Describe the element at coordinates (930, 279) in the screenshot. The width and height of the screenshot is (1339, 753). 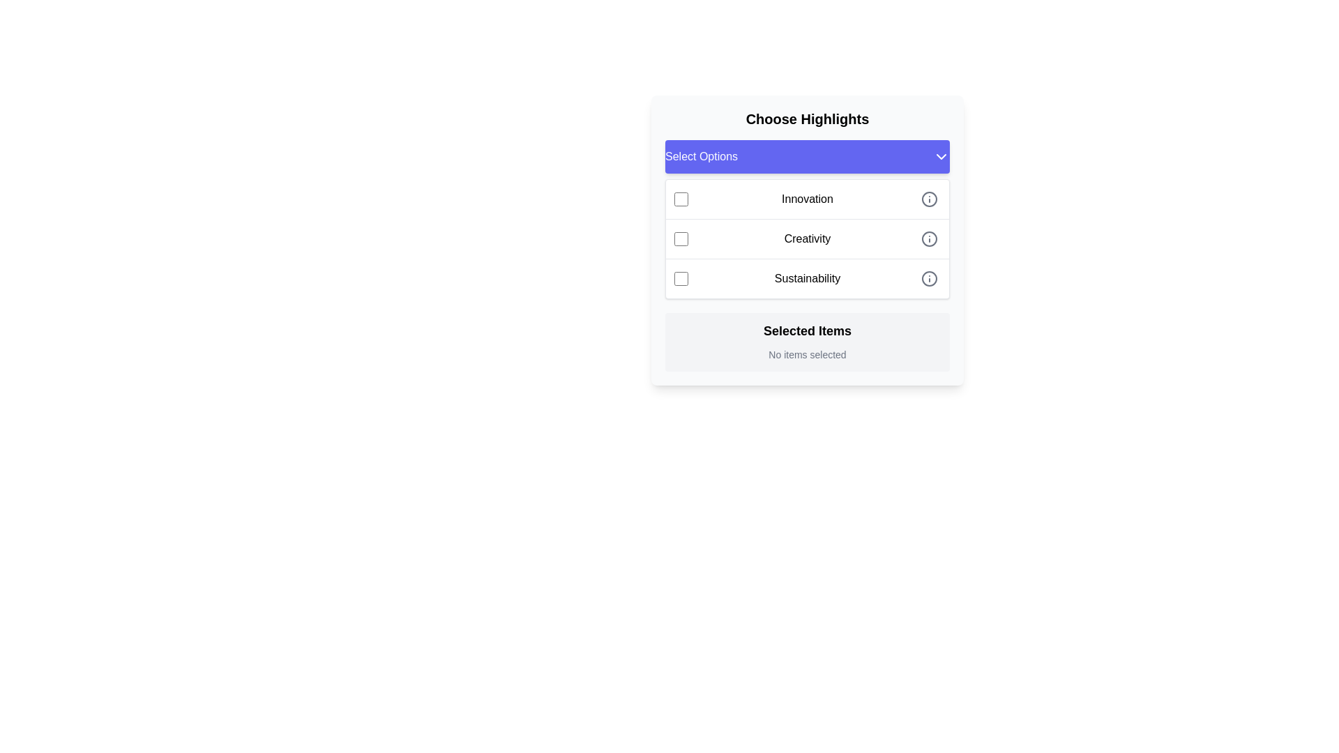
I see `the circular icon button with a border and a small dot in its center, located in the rightmost section of the 'Sustainability' row, adjacent to the text 'Sustainability' and to the right of a checkbox` at that location.